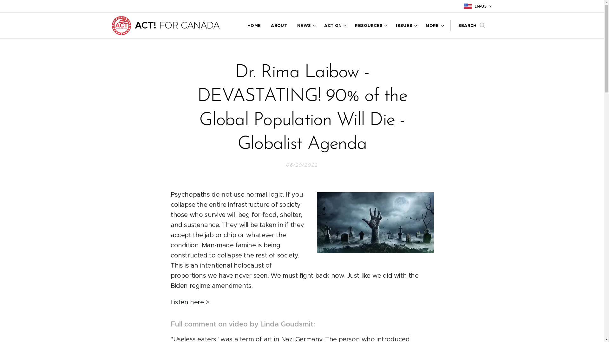 The width and height of the screenshot is (609, 342). Describe the element at coordinates (432, 25) in the screenshot. I see `'MORE'` at that location.